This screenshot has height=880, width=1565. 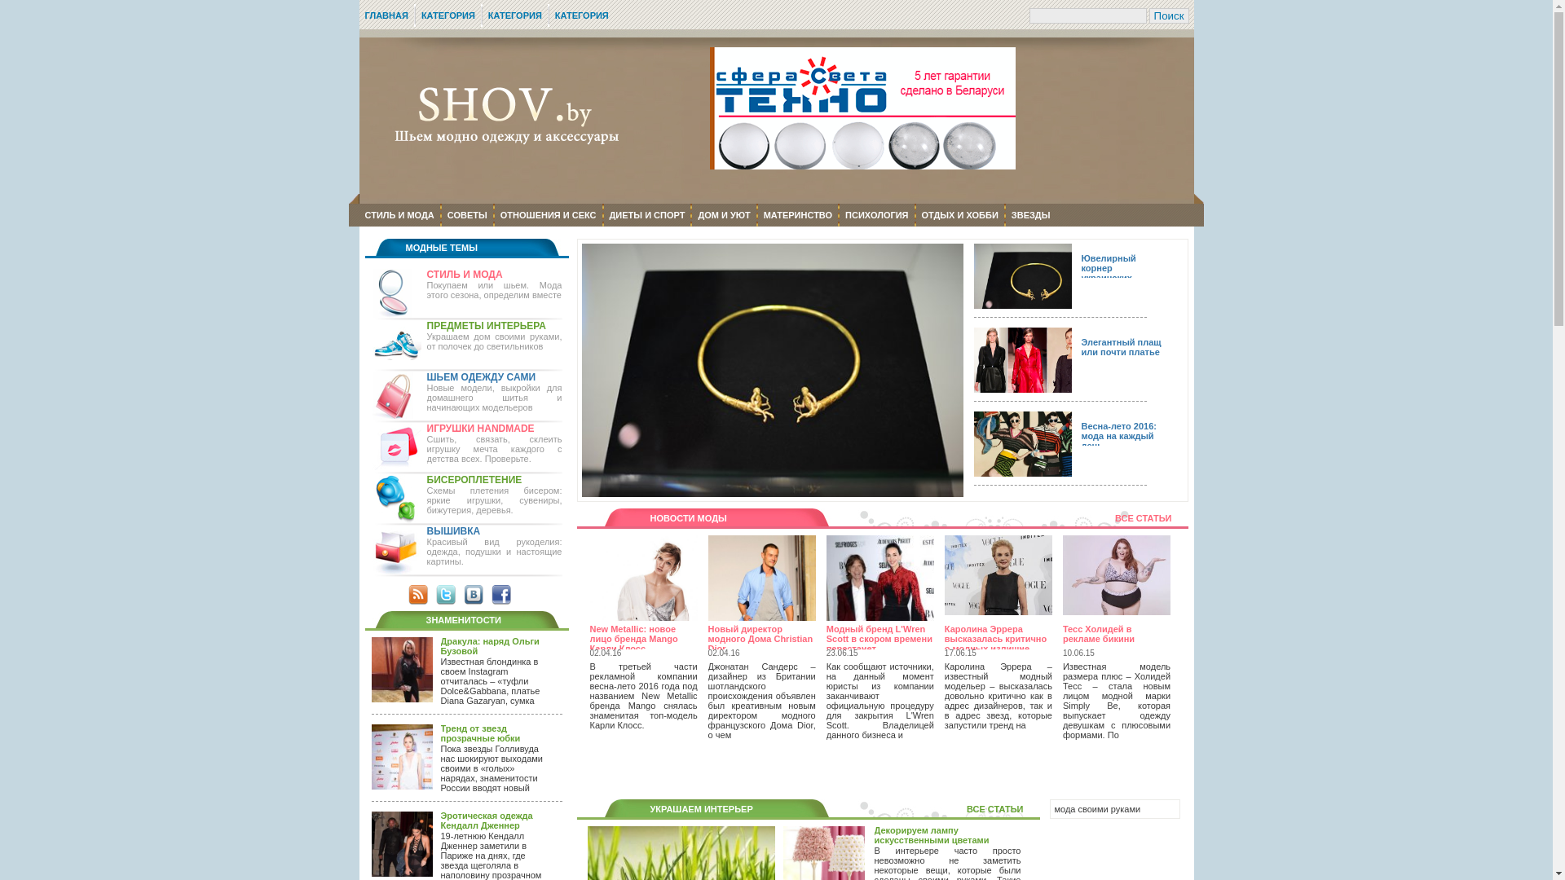 What do you see at coordinates (445, 594) in the screenshot?
I see `'Twitter'` at bounding box center [445, 594].